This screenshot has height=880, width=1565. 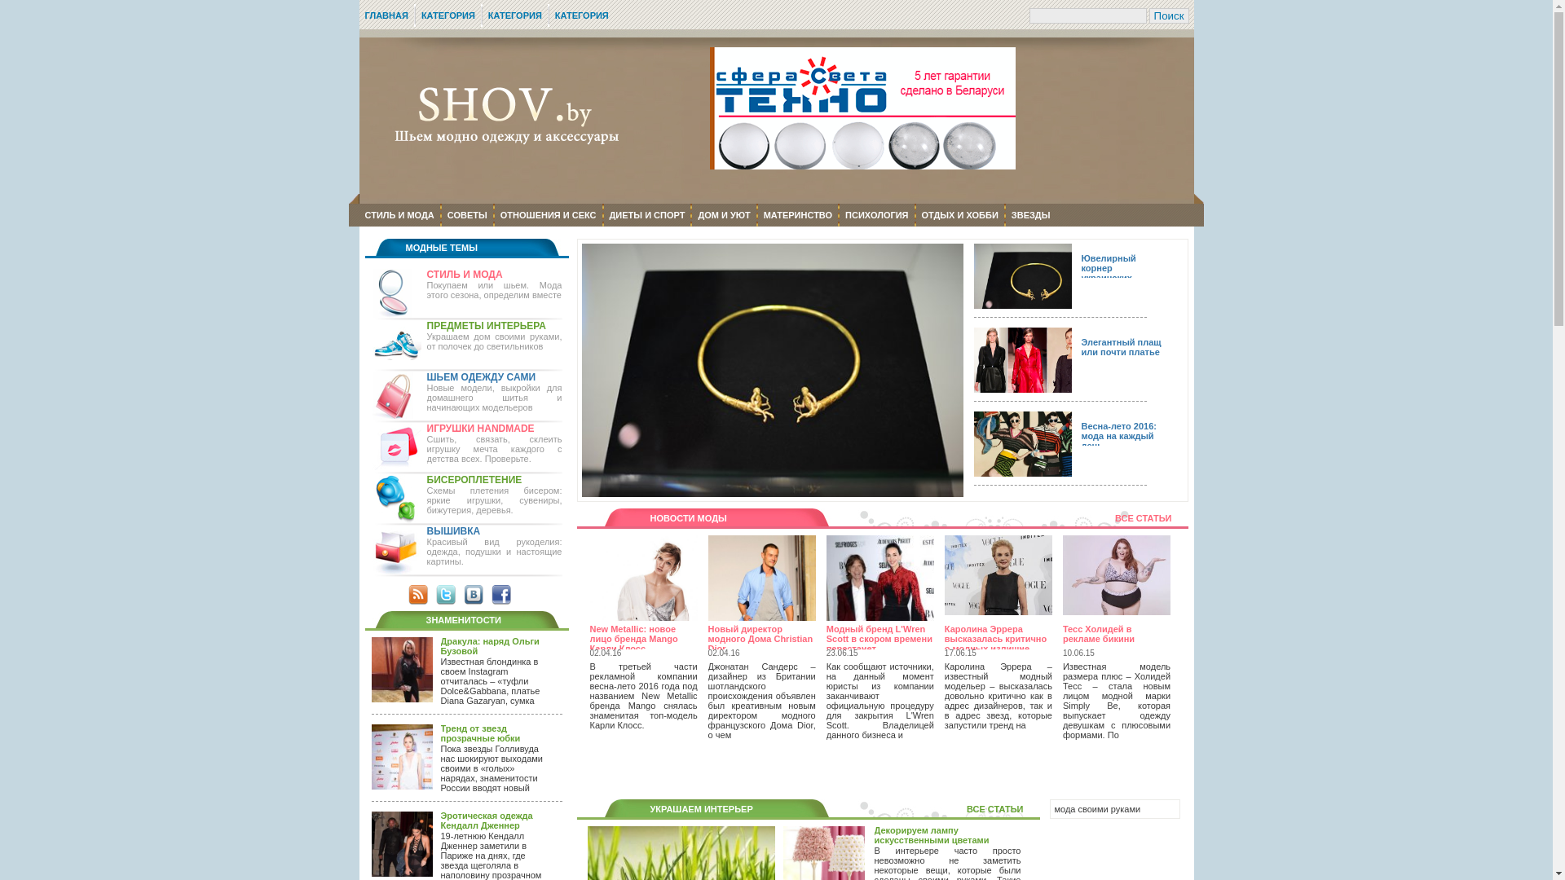 What do you see at coordinates (445, 594) in the screenshot?
I see `'Twitter'` at bounding box center [445, 594].